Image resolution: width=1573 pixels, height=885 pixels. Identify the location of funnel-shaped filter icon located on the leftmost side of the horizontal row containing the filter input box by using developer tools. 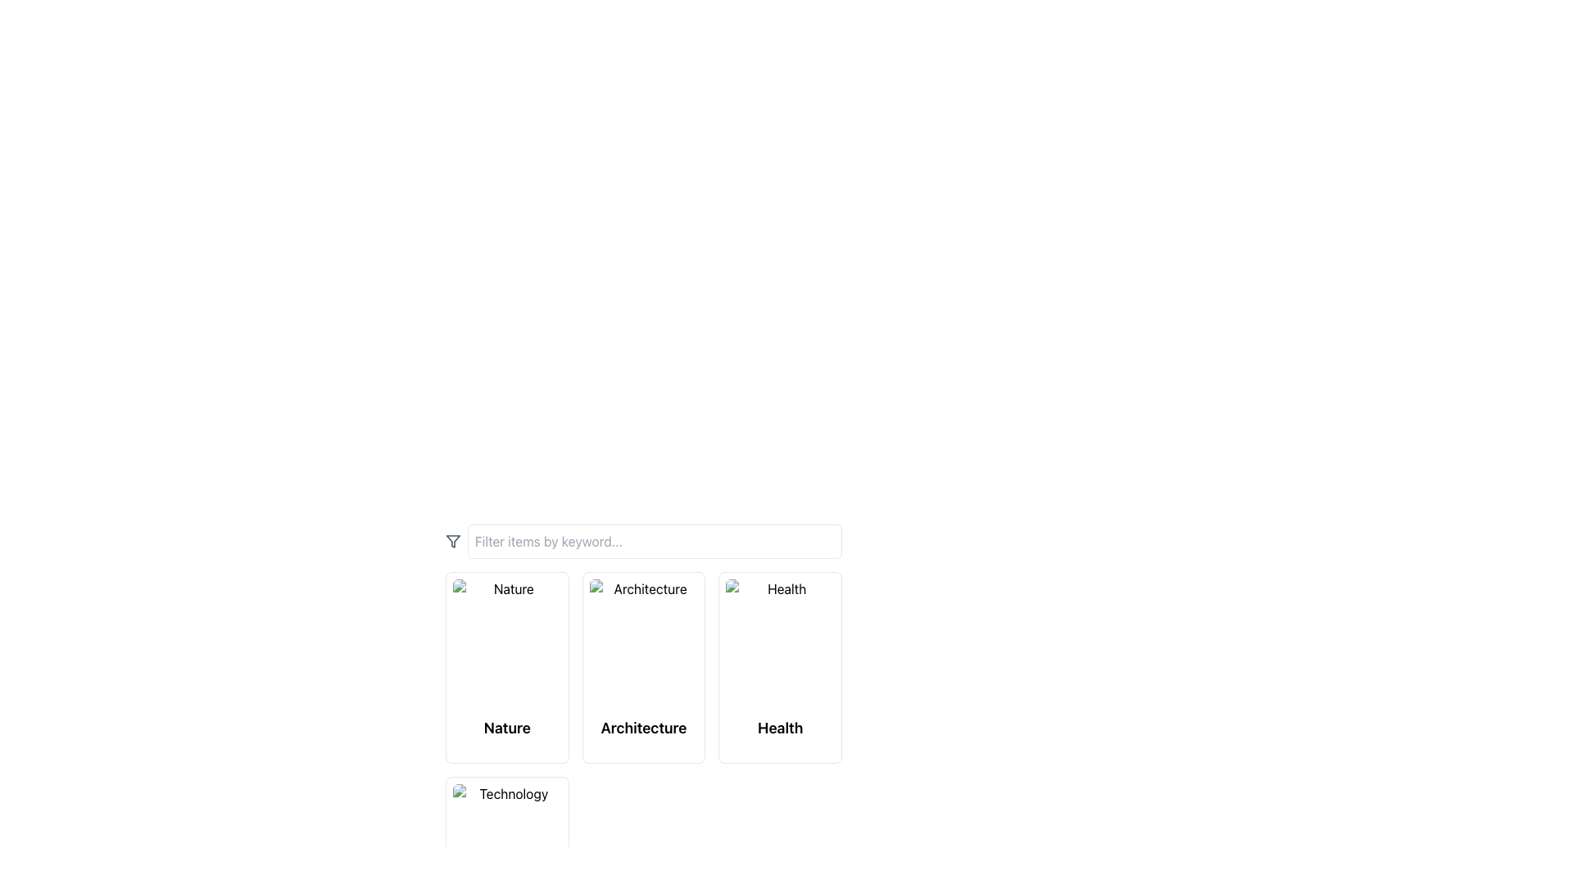
(453, 541).